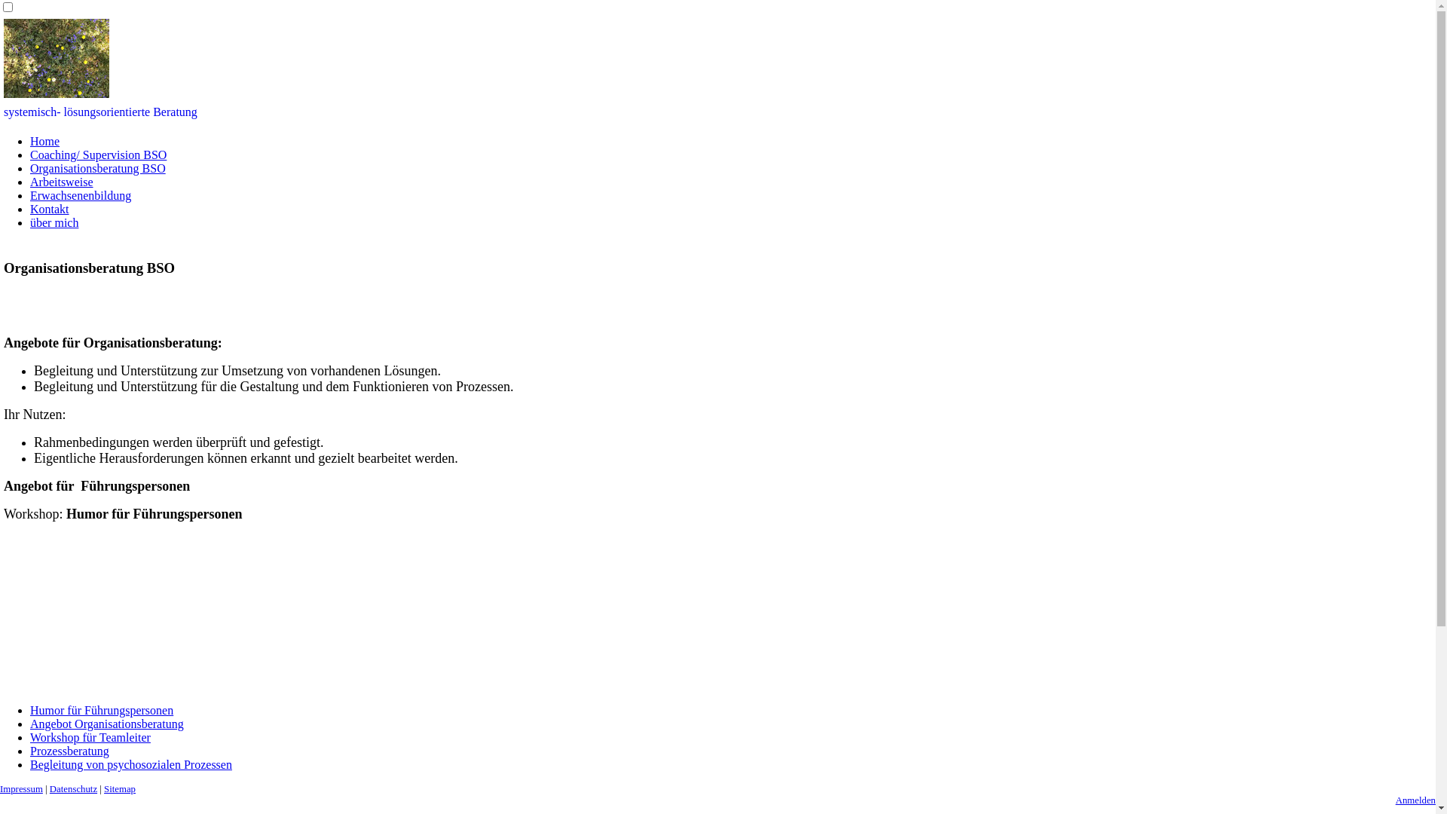  Describe the element at coordinates (50, 209) in the screenshot. I see `'Kontakt'` at that location.